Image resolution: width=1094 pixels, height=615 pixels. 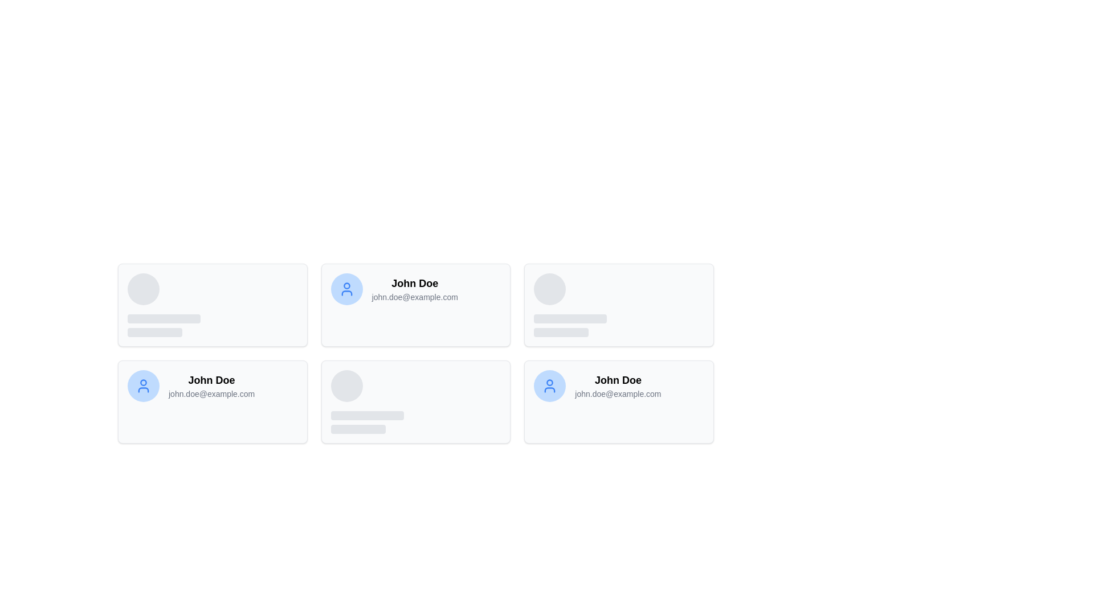 I want to click on the first visual placeholder located in the bottom-right segment of the interface, which serves as a potential loading bar or spacing indicator, so click(x=367, y=415).